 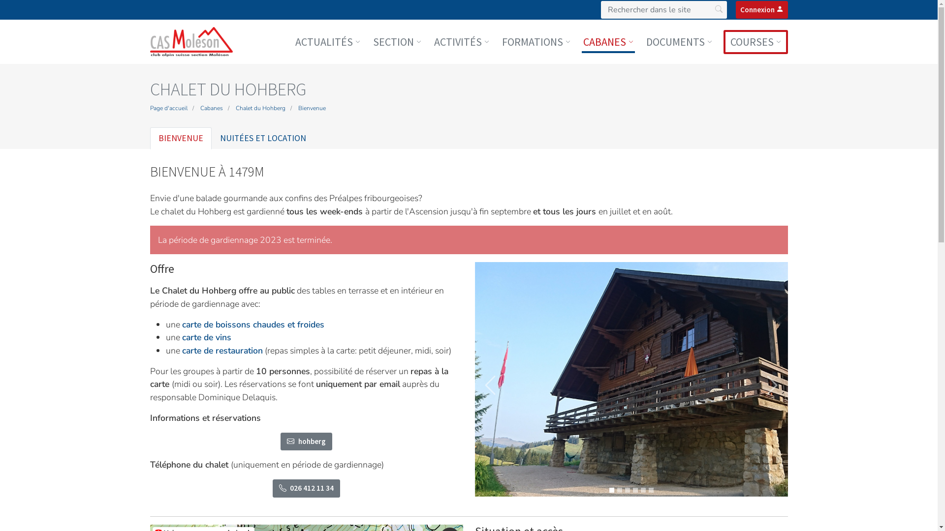 I want to click on 'FORMATIONS', so click(x=500, y=41).